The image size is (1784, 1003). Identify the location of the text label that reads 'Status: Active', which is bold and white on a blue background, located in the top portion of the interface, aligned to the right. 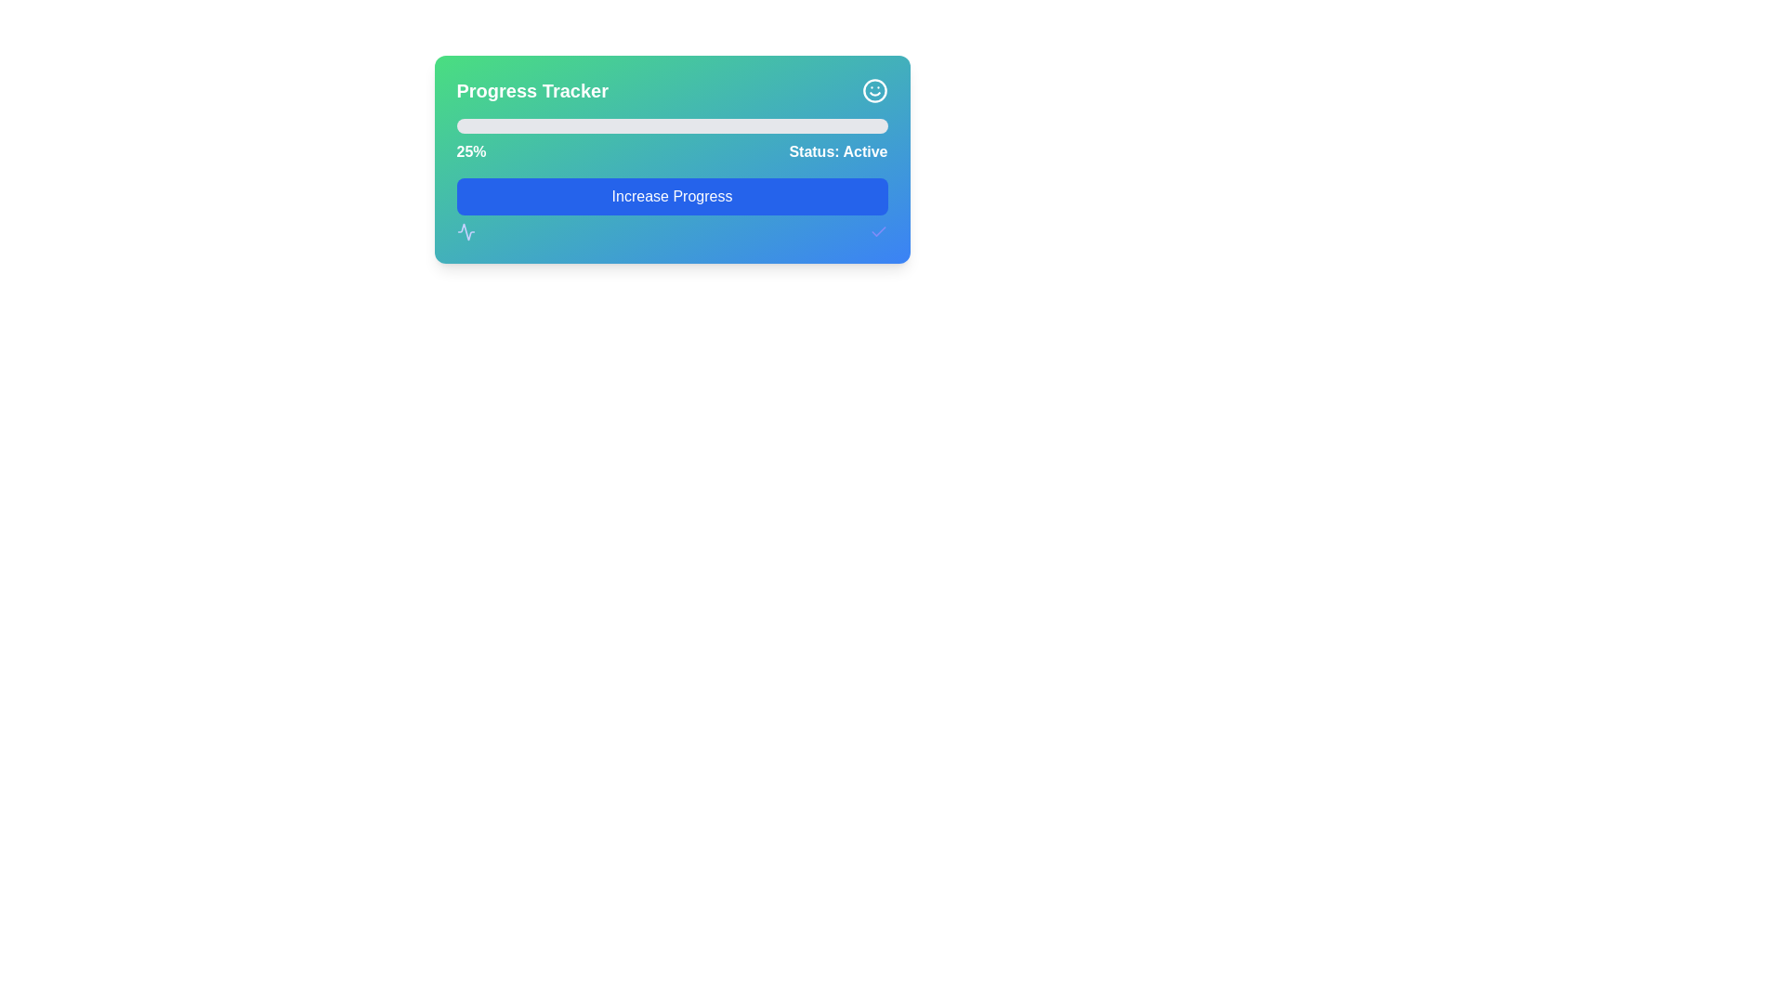
(837, 151).